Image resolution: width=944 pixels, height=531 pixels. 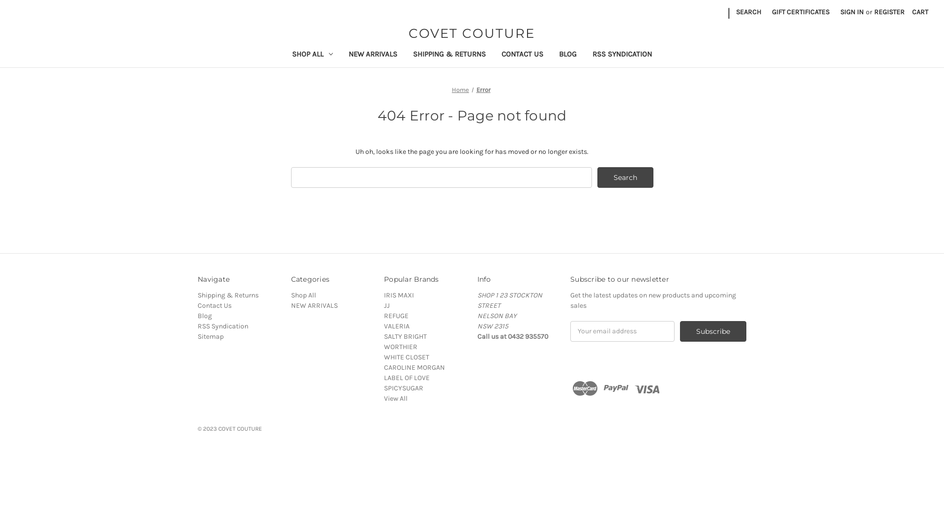 What do you see at coordinates (483, 89) in the screenshot?
I see `'Error'` at bounding box center [483, 89].